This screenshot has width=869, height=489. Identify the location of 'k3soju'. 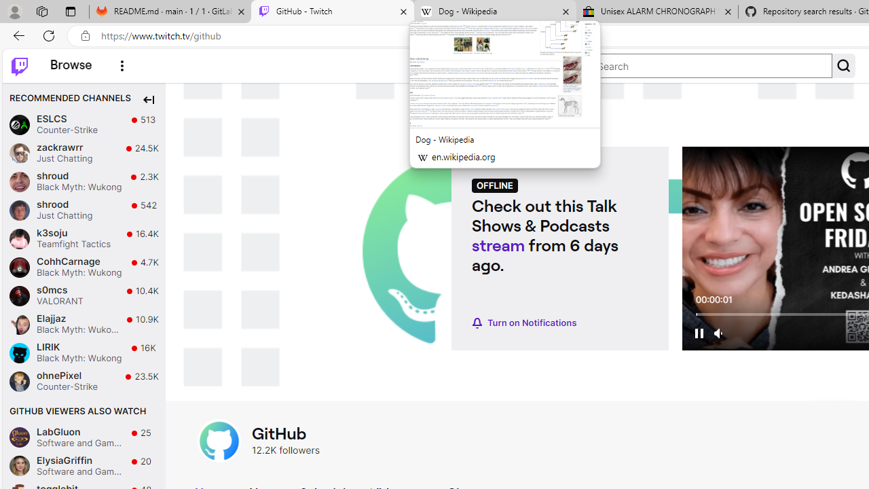
(19, 238).